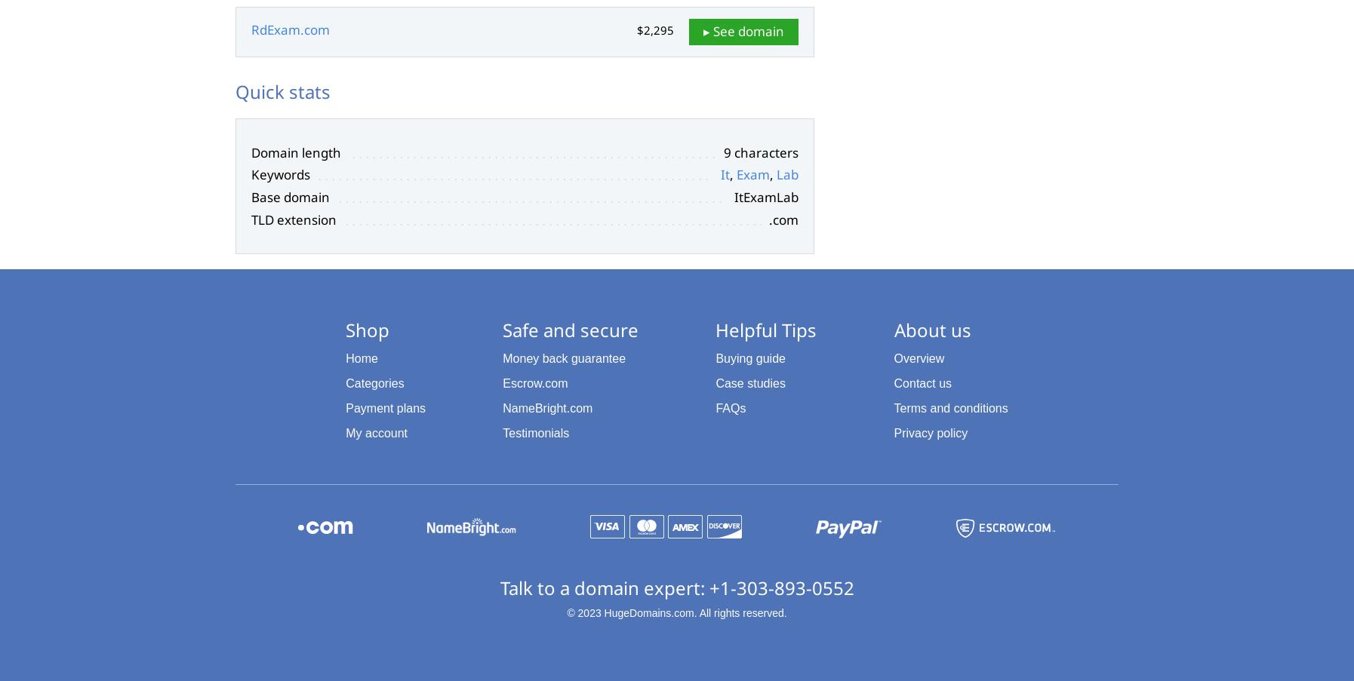 The height and width of the screenshot is (681, 1354). I want to click on 'Overview', so click(893, 358).